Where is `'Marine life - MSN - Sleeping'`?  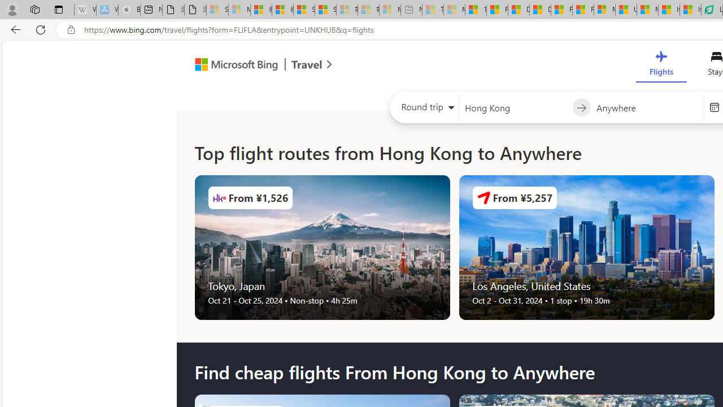
'Marine life - MSN - Sleeping' is located at coordinates (454, 10).